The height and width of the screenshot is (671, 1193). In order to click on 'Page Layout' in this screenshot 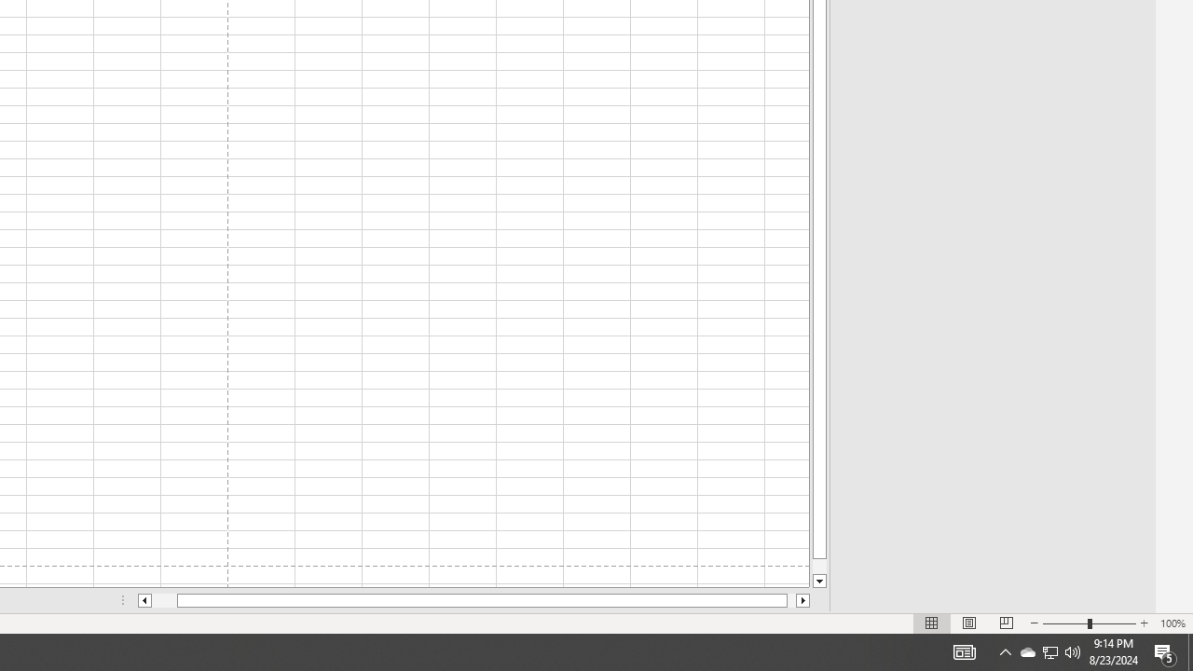, I will do `click(969, 623)`.